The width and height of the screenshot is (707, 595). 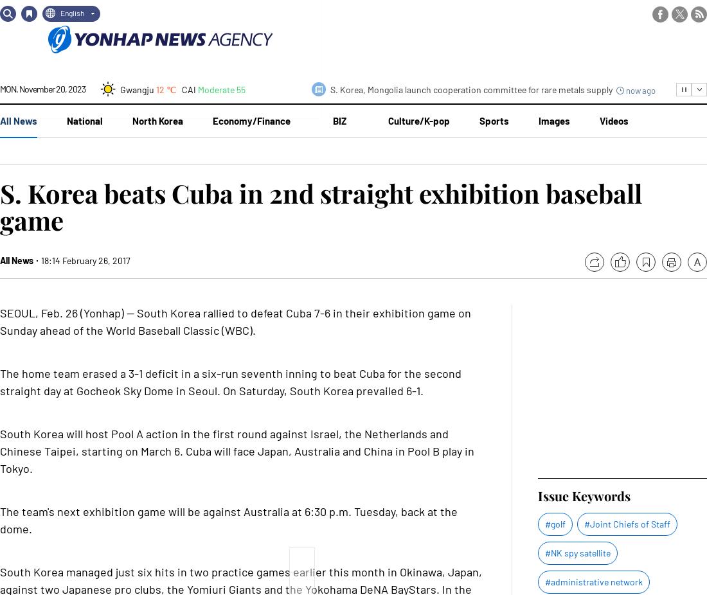 I want to click on 'Padres' Kim Ha-seong 'honored' to be 1st S. Korean to win Gold Glove', so click(x=464, y=31).